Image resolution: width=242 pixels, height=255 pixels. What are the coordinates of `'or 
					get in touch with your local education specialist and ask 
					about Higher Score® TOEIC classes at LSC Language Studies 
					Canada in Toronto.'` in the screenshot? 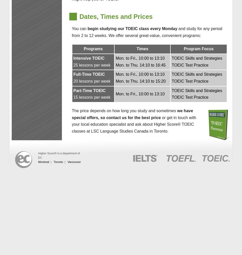 It's located at (71, 124).